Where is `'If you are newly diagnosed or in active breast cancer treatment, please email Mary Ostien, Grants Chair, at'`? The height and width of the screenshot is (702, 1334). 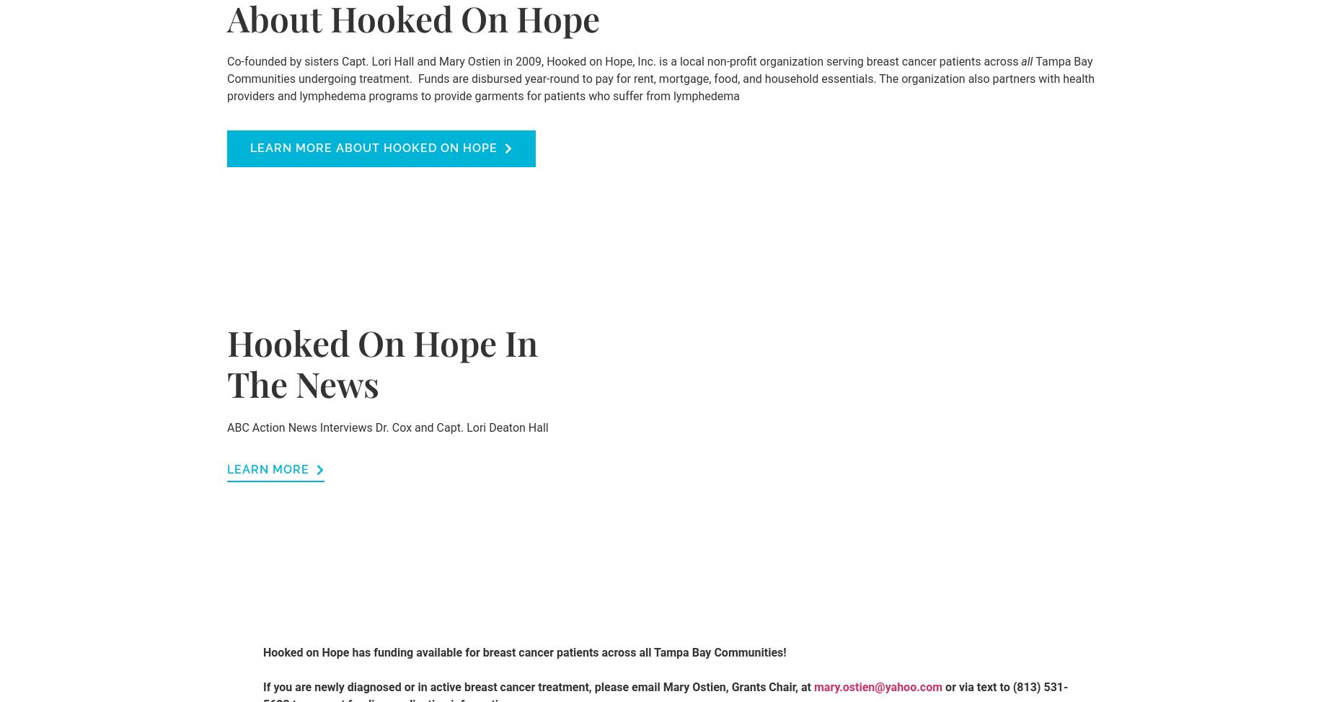 'If you are newly diagnosed or in active breast cancer treatment, please email Mary Ostien, Grants Chair, at' is located at coordinates (538, 685).